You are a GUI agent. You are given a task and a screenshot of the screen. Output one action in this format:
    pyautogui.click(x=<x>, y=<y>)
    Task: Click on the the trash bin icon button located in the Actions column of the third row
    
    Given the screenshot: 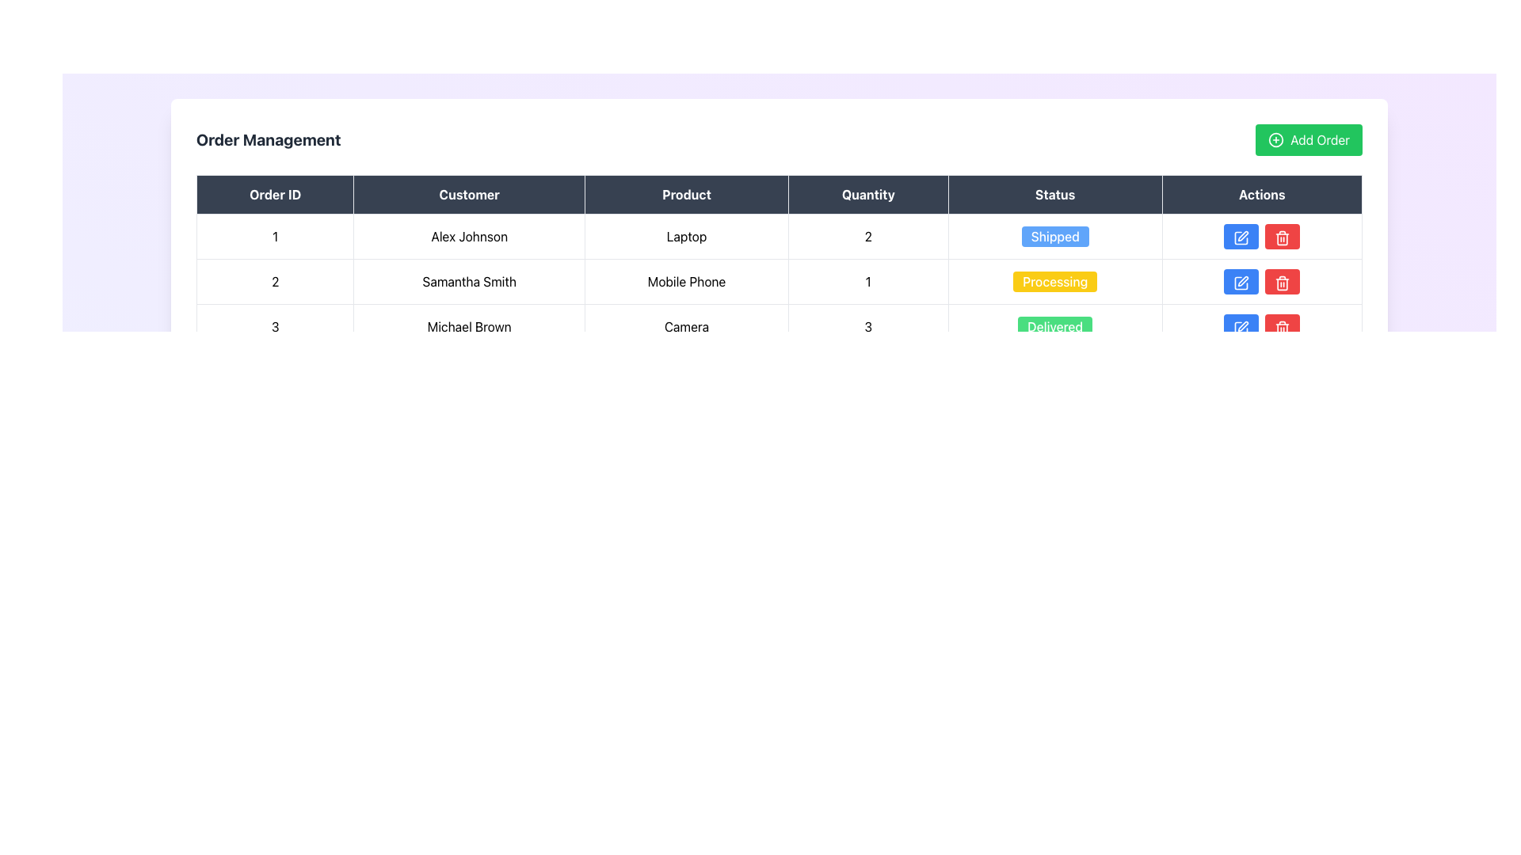 What is the action you would take?
    pyautogui.click(x=1283, y=237)
    